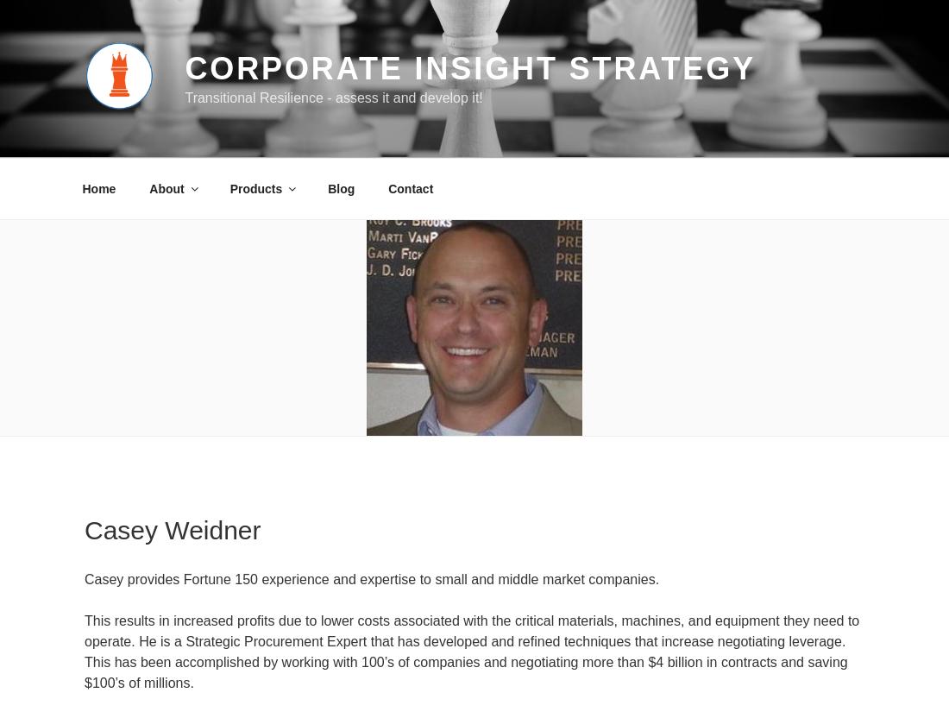  I want to click on 'Contact', so click(409, 187).